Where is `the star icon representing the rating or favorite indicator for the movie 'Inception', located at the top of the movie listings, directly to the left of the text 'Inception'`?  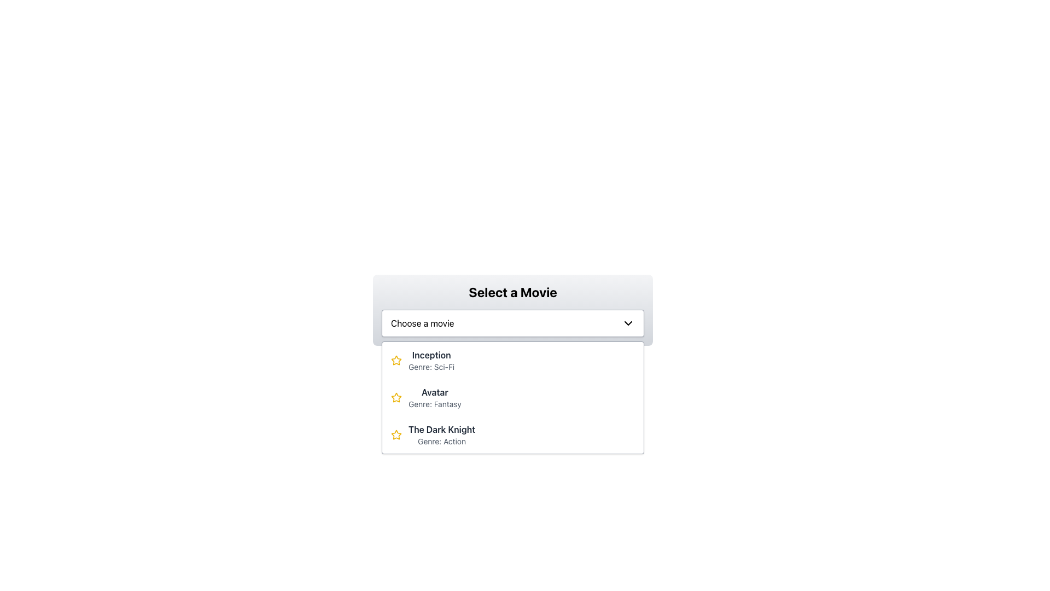 the star icon representing the rating or favorite indicator for the movie 'Inception', located at the top of the movie listings, directly to the left of the text 'Inception' is located at coordinates (395, 361).